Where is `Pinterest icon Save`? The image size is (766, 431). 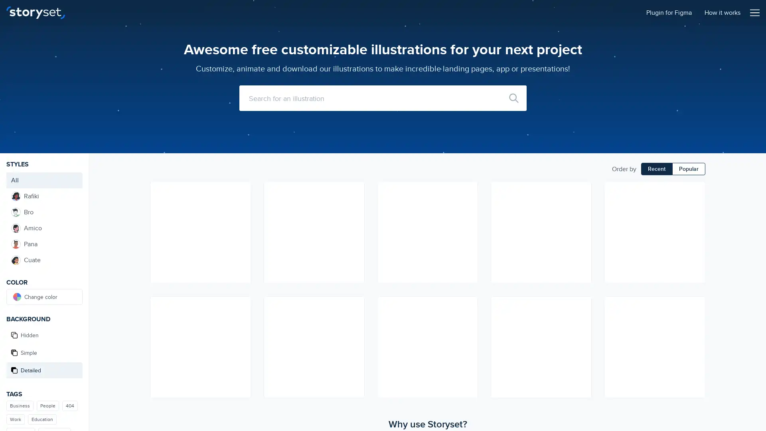
Pinterest icon Save is located at coordinates (582, 334).